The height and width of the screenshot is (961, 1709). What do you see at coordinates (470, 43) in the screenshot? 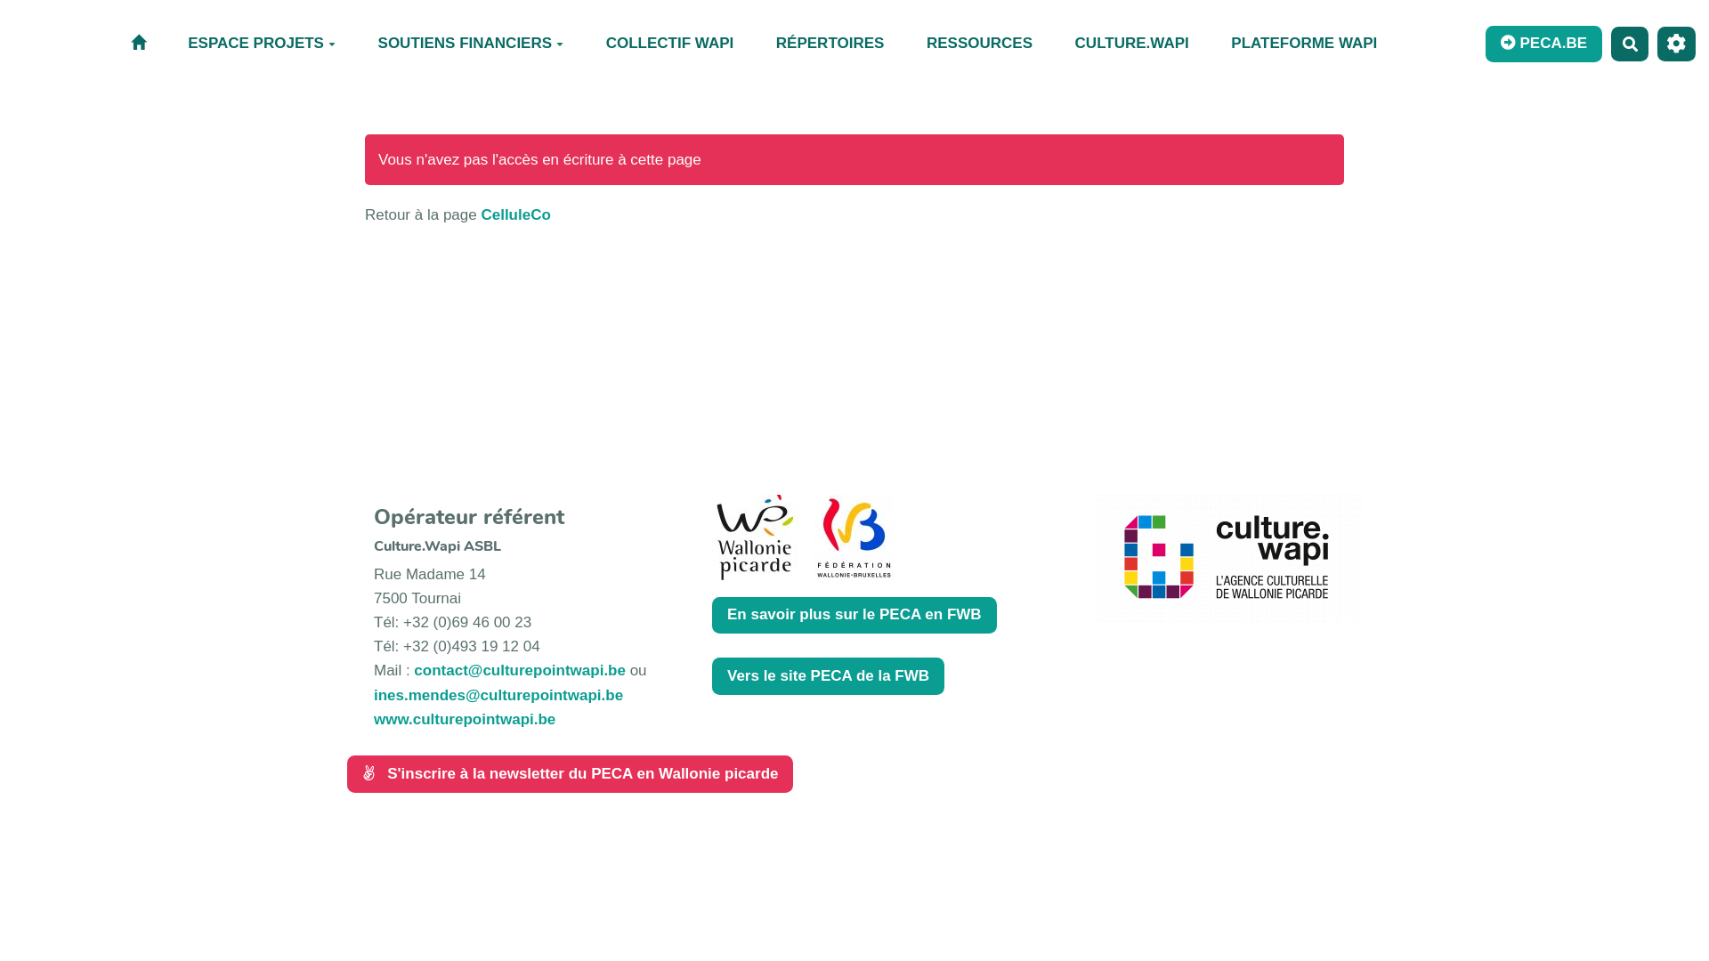
I see `'SOUTIENS FINANCIERS'` at bounding box center [470, 43].